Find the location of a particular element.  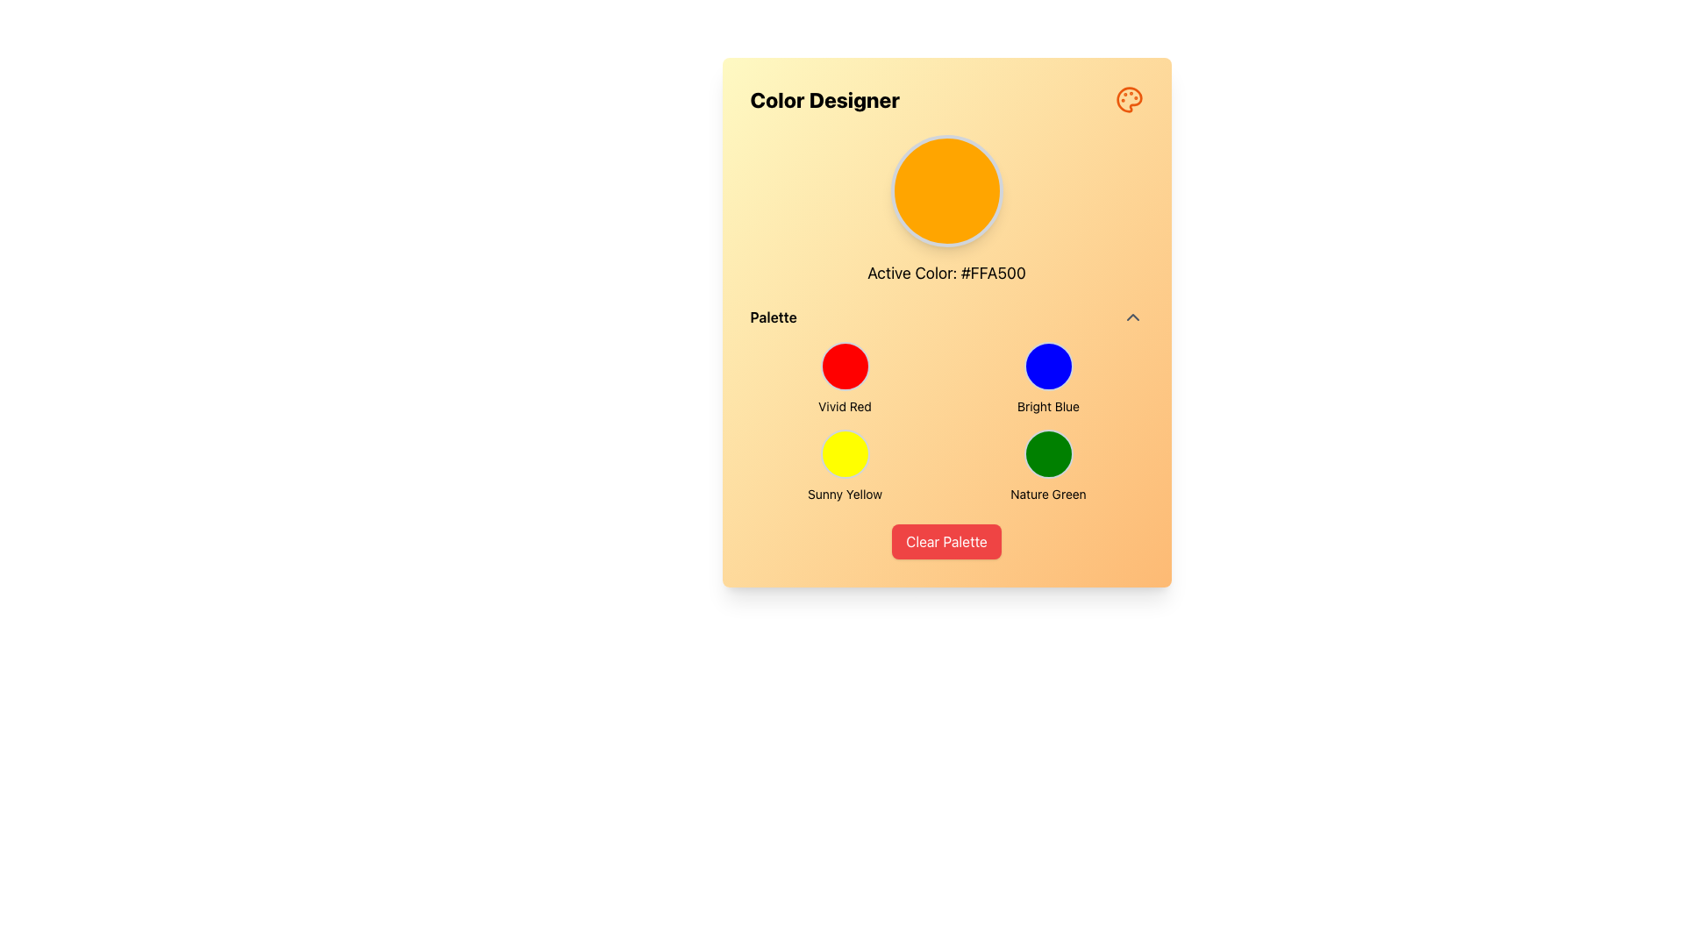

the central circular element of the orange painter's palette icon located in the upper-right corner of the 'Color Designer' section is located at coordinates (1129, 100).